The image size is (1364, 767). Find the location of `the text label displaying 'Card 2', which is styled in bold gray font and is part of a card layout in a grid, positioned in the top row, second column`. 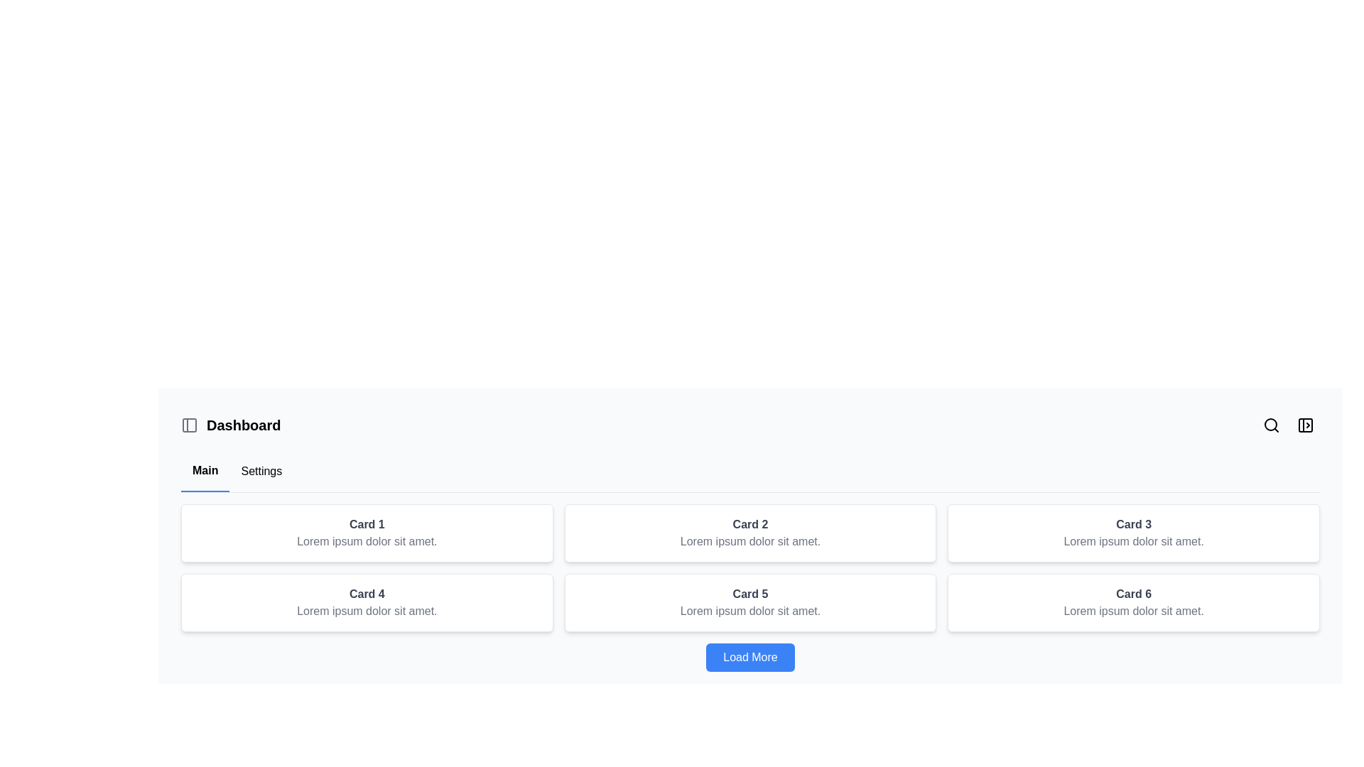

the text label displaying 'Card 2', which is styled in bold gray font and is part of a card layout in a grid, positioned in the top row, second column is located at coordinates (749, 525).